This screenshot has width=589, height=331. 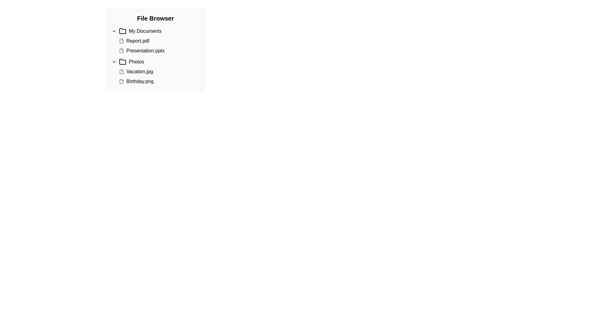 I want to click on the 'Vacation.jpg' file entry in the file browser, so click(x=159, y=71).